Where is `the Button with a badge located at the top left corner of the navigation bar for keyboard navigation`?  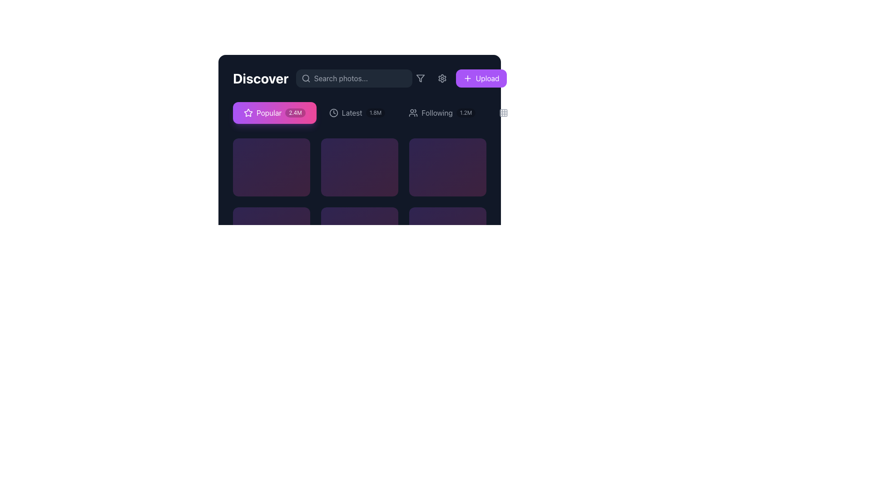 the Button with a badge located at the top left corner of the navigation bar for keyboard navigation is located at coordinates (274, 113).